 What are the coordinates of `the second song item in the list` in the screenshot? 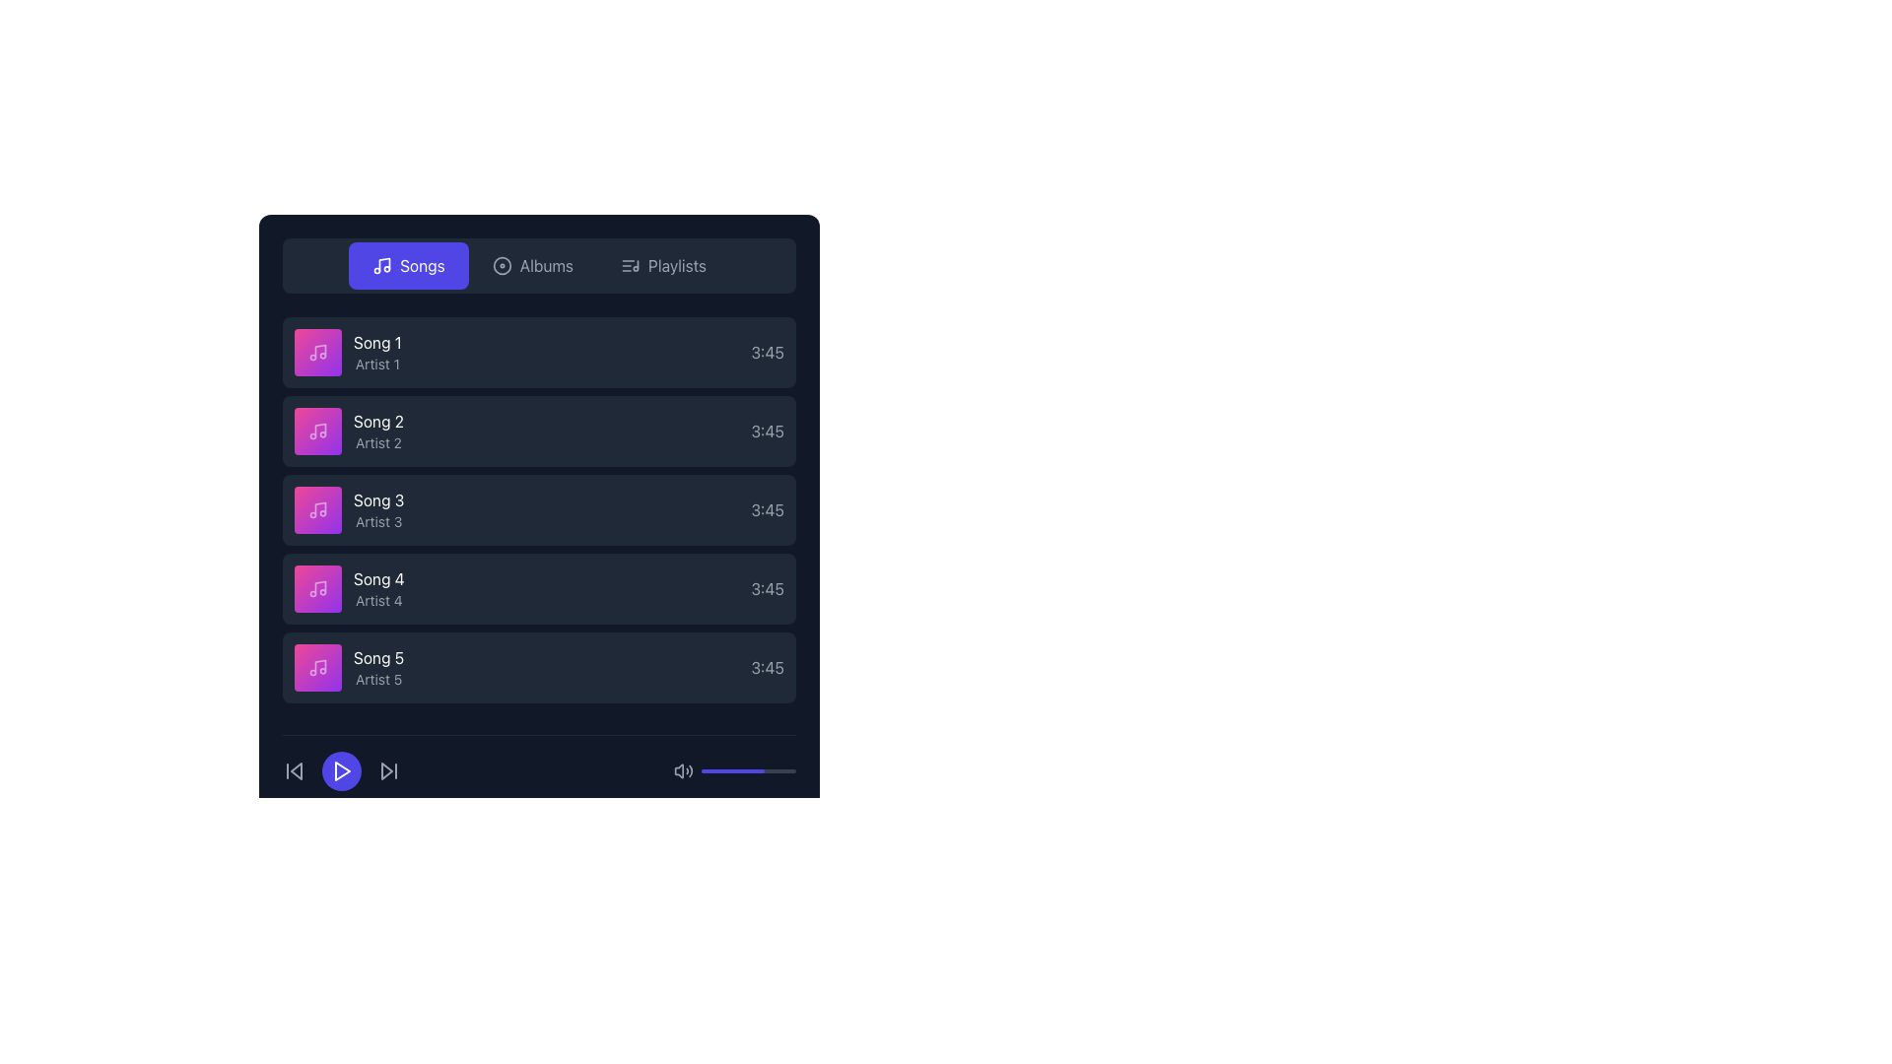 It's located at (349, 431).